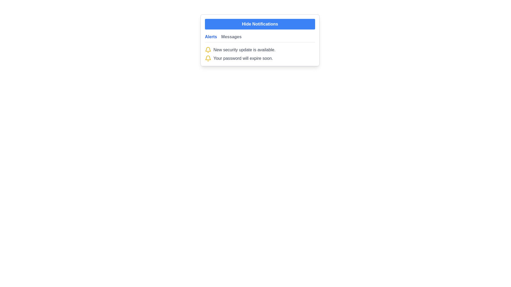 This screenshot has height=287, width=511. Describe the element at coordinates (208, 50) in the screenshot. I see `the yellow bell-shaped notification icon located to the left of the alert text in the notification block labeled 'New security update is available.'` at that location.